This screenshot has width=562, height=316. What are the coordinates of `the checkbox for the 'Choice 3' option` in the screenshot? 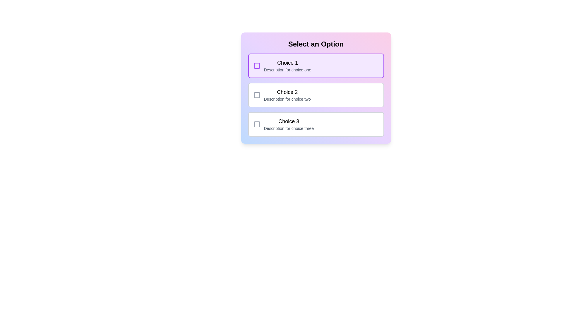 It's located at (257, 124).